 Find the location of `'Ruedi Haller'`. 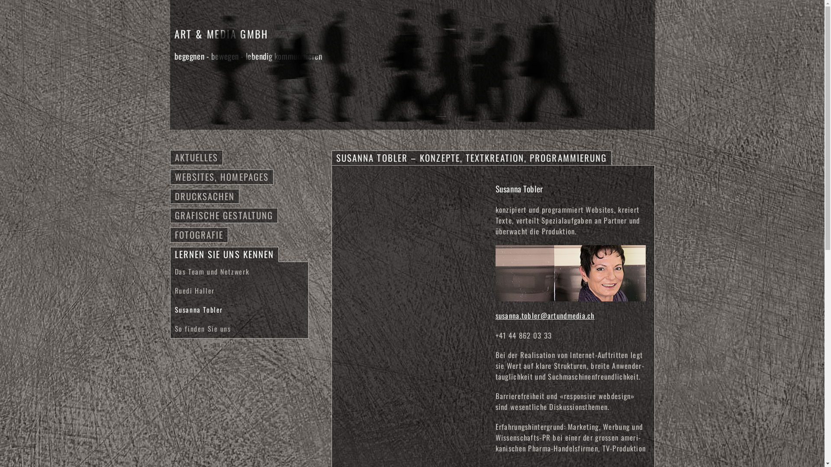

'Ruedi Haller' is located at coordinates (194, 290).